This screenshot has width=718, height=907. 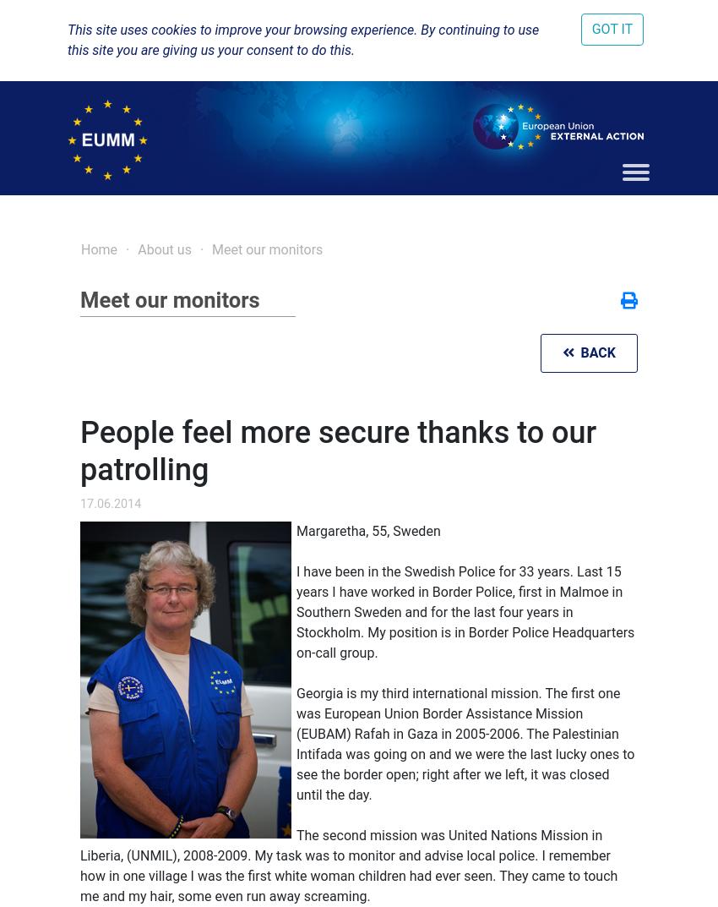 I want to click on 'GOT IT', so click(x=612, y=28).